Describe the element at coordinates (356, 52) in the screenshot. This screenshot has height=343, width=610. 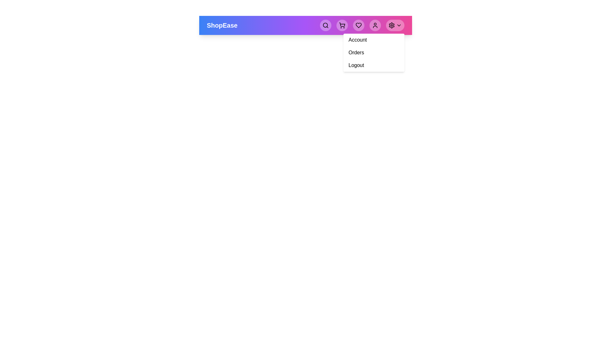
I see `the 'Orders' option in the menu` at that location.